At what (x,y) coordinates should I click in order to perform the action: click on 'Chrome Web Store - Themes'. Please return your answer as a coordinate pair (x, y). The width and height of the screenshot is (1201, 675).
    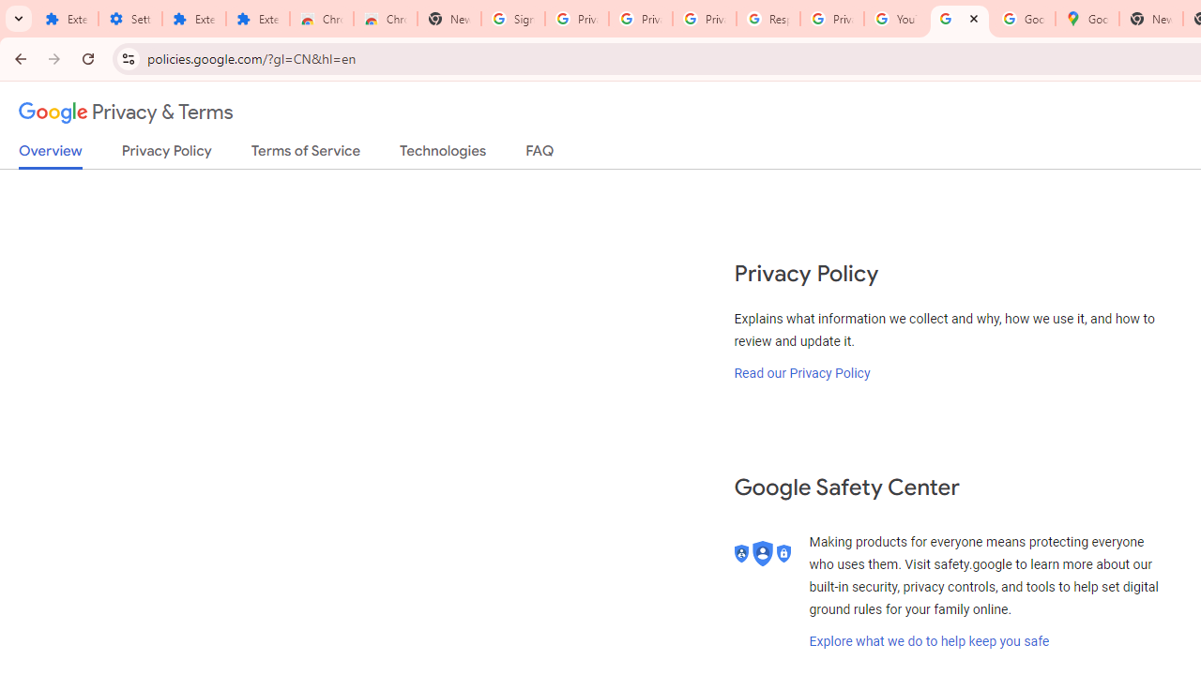
    Looking at the image, I should click on (385, 19).